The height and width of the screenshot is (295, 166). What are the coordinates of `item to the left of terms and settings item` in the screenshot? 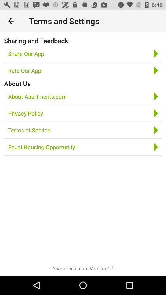 It's located at (11, 21).